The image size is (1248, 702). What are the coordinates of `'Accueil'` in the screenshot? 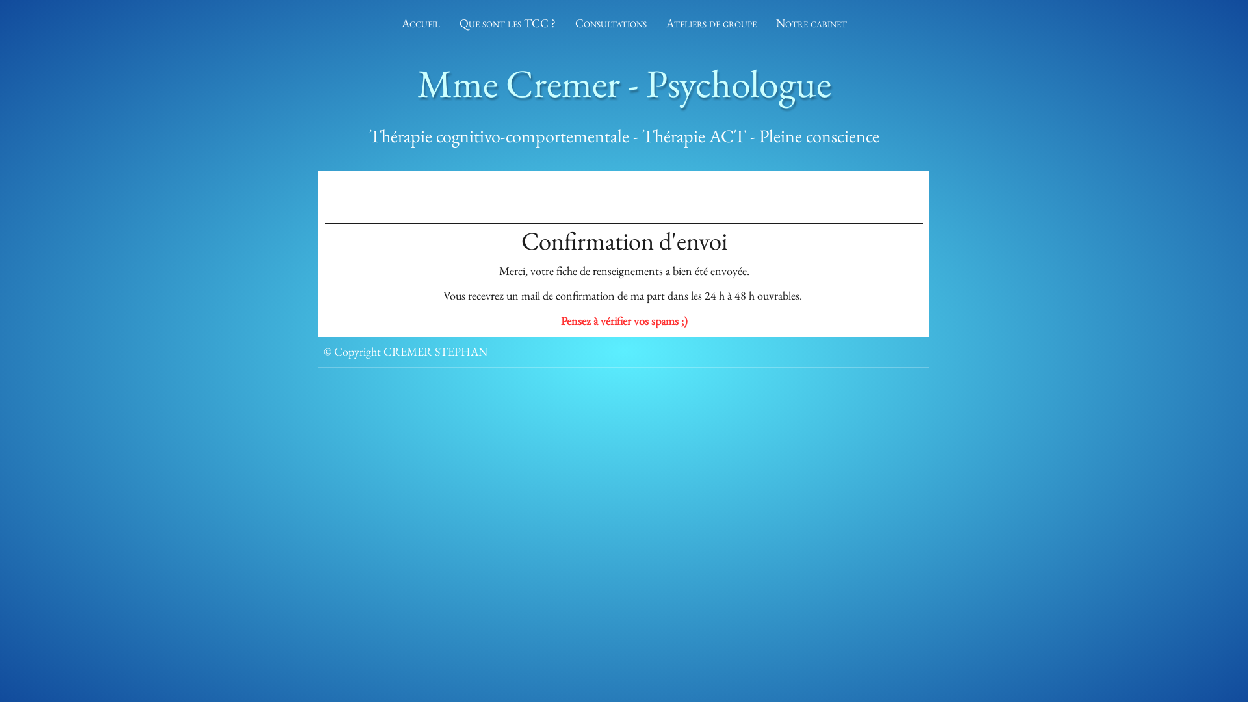 It's located at (420, 23).